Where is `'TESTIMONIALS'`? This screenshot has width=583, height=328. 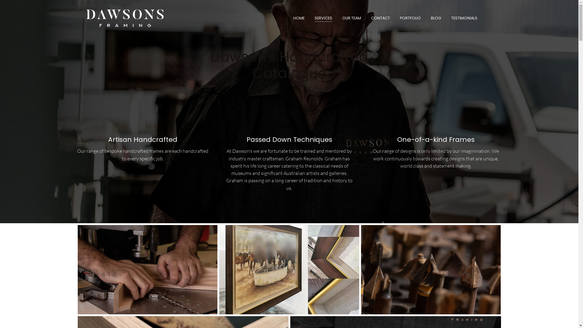
'TESTIMONIALS' is located at coordinates (462, 18).